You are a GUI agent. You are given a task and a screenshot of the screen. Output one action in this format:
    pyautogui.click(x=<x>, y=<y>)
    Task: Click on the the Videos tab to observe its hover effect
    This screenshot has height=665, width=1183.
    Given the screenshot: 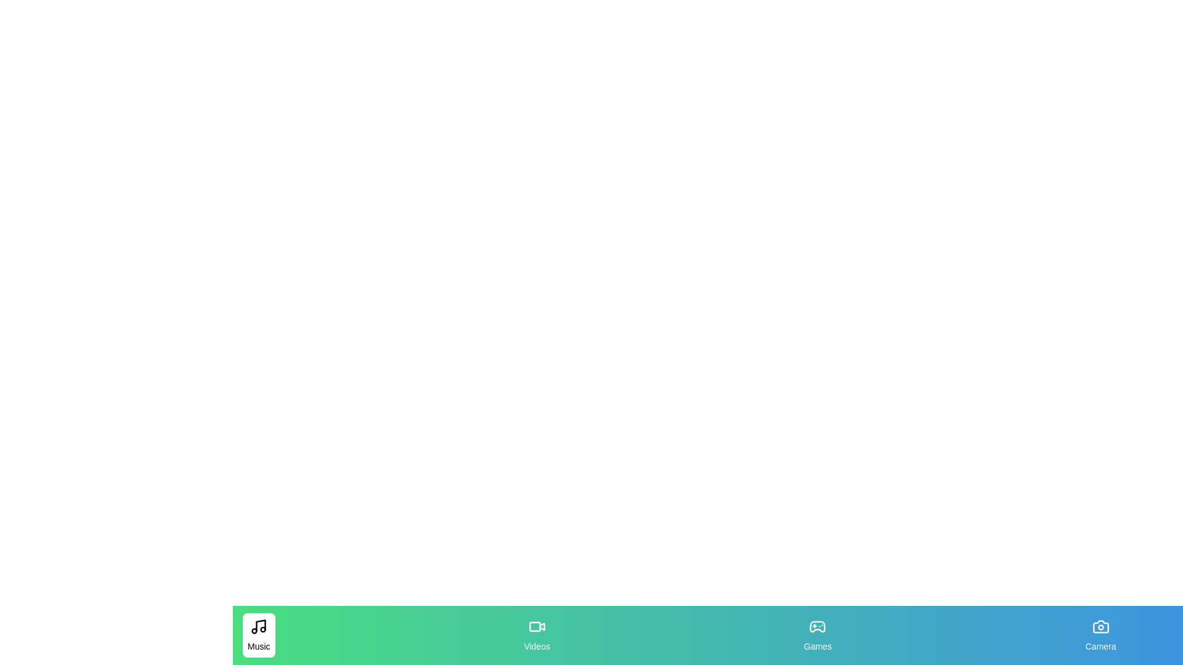 What is the action you would take?
    pyautogui.click(x=536, y=635)
    